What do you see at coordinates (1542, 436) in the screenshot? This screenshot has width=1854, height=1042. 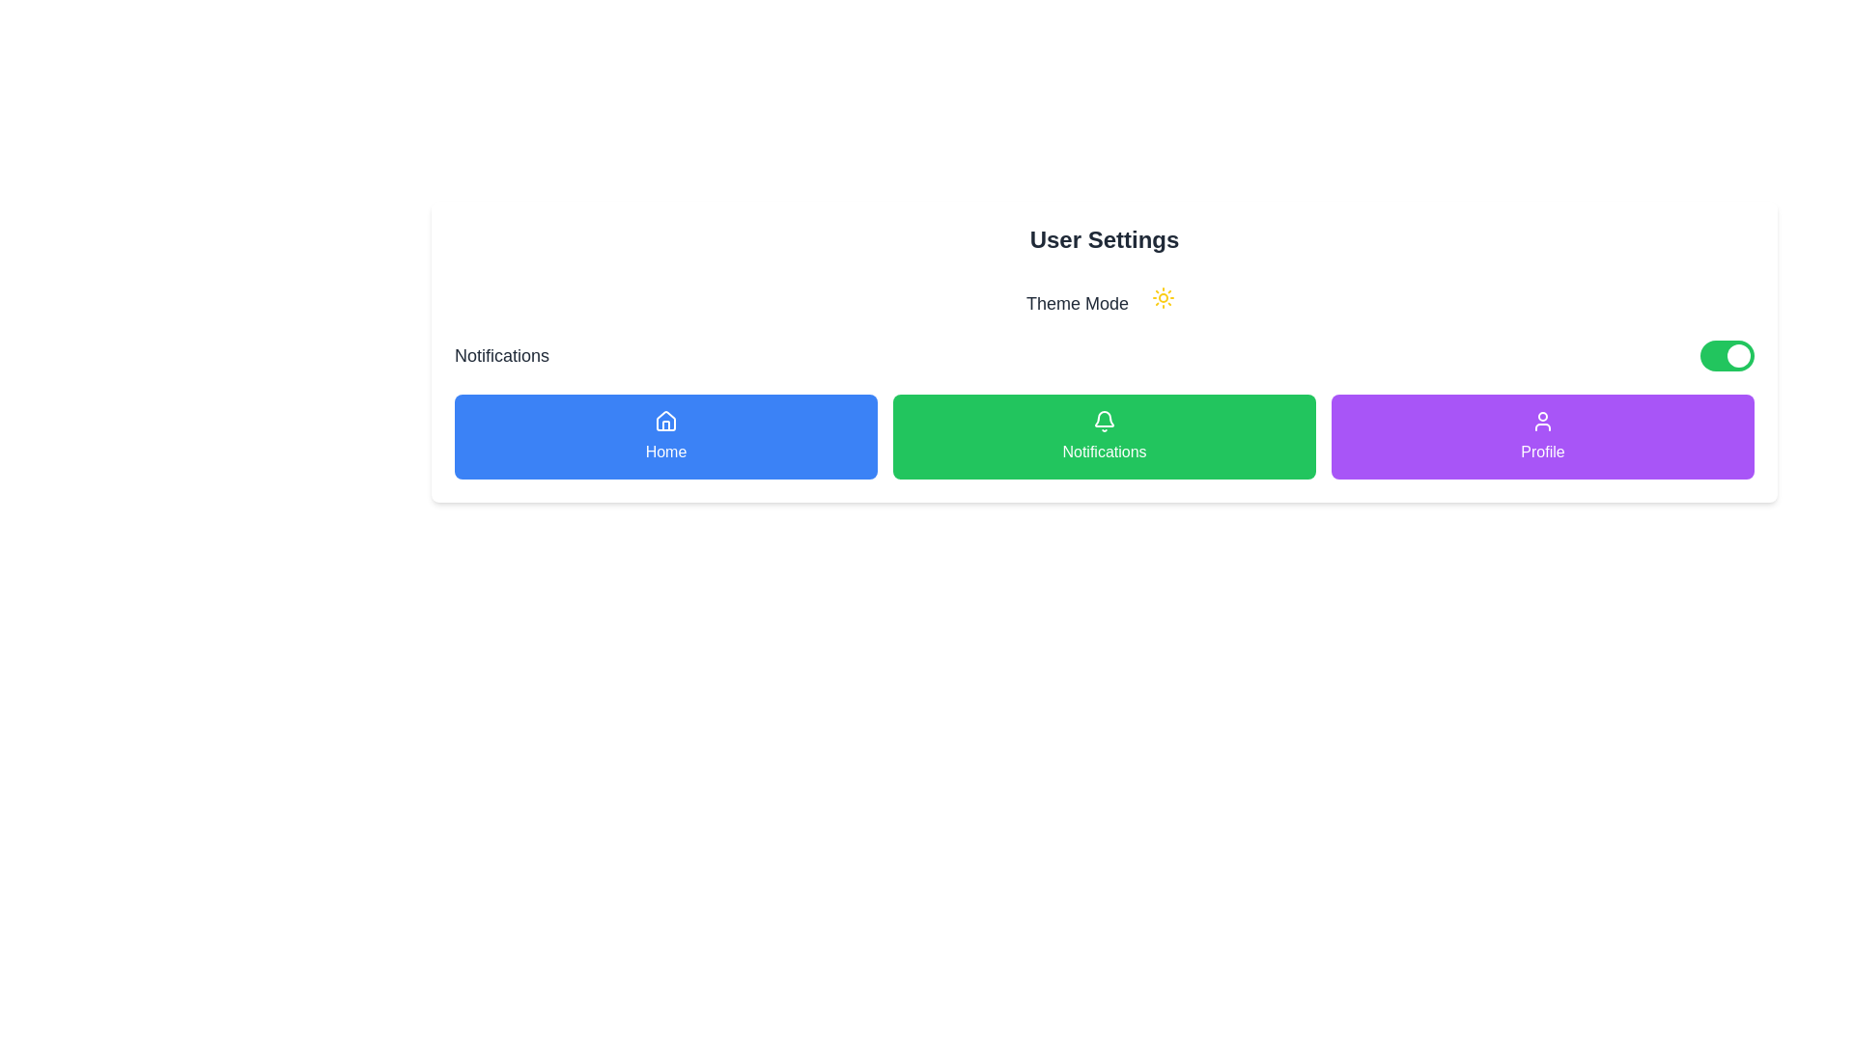 I see `the rightmost button in the horizontal row of three buttons` at bounding box center [1542, 436].